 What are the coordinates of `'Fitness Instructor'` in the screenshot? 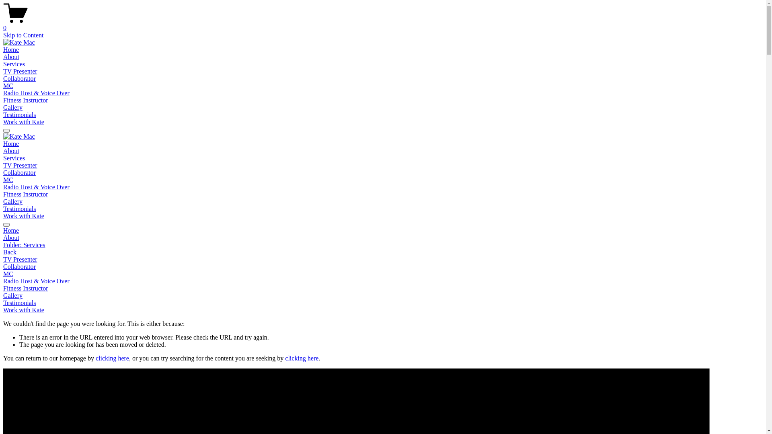 It's located at (25, 194).